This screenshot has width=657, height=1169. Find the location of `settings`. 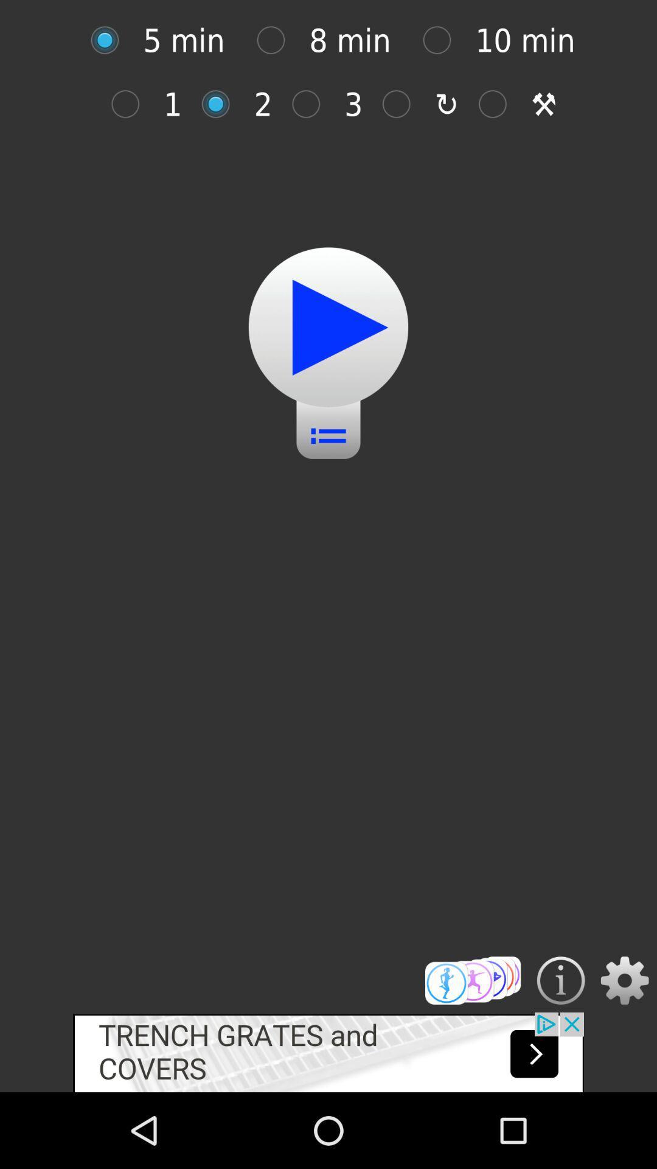

settings is located at coordinates (625, 980).